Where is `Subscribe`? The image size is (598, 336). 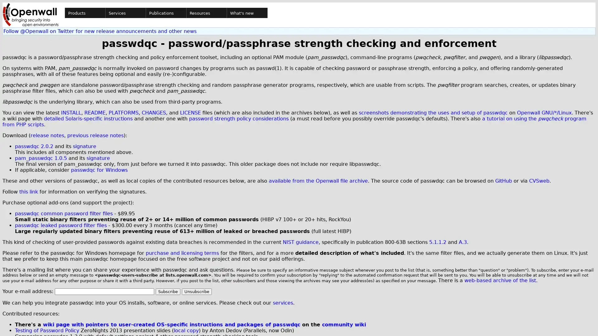 Subscribe is located at coordinates (168, 292).